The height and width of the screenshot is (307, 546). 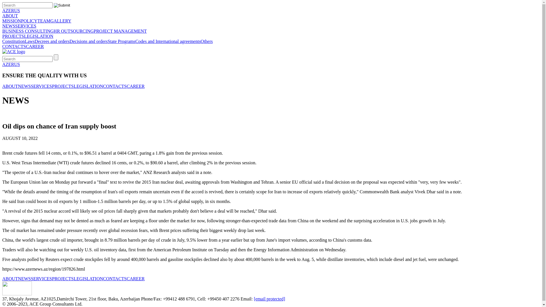 What do you see at coordinates (38, 36) in the screenshot?
I see `'LEGISLATION'` at bounding box center [38, 36].